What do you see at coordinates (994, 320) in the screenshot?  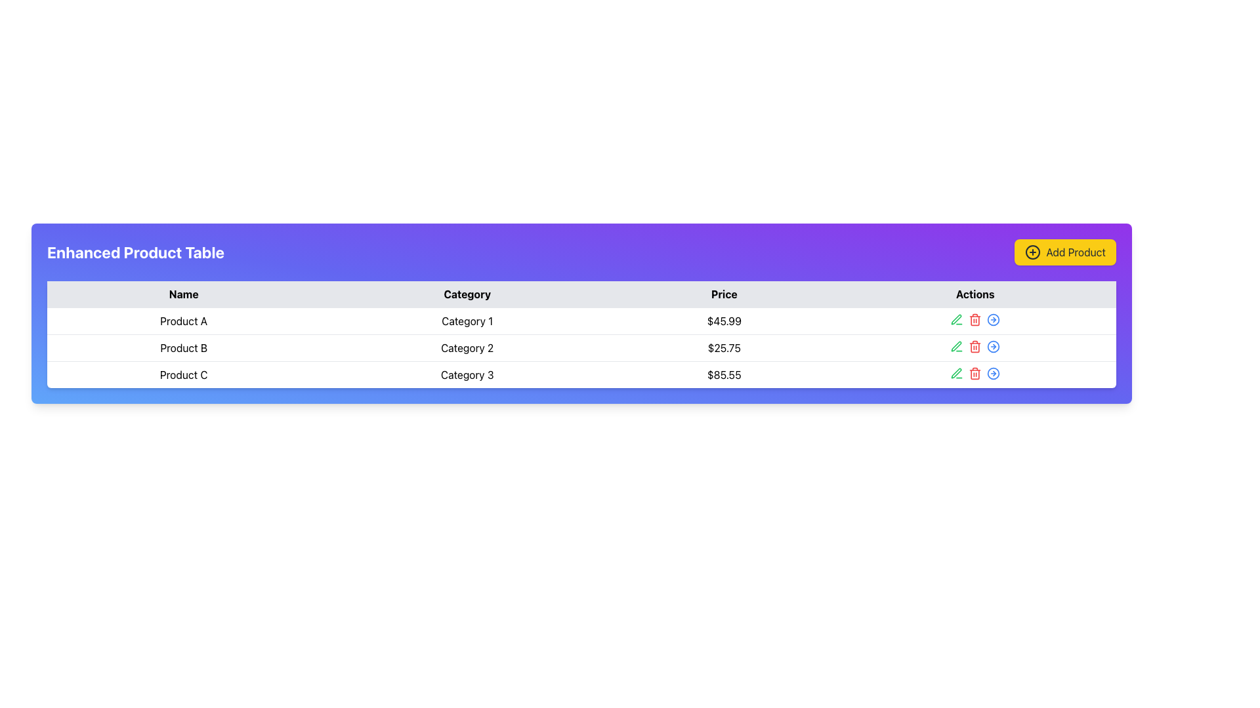 I see `the blue circular button with a rightwards arrow icon located in the 'Actions' column of the third row of the product table` at bounding box center [994, 320].